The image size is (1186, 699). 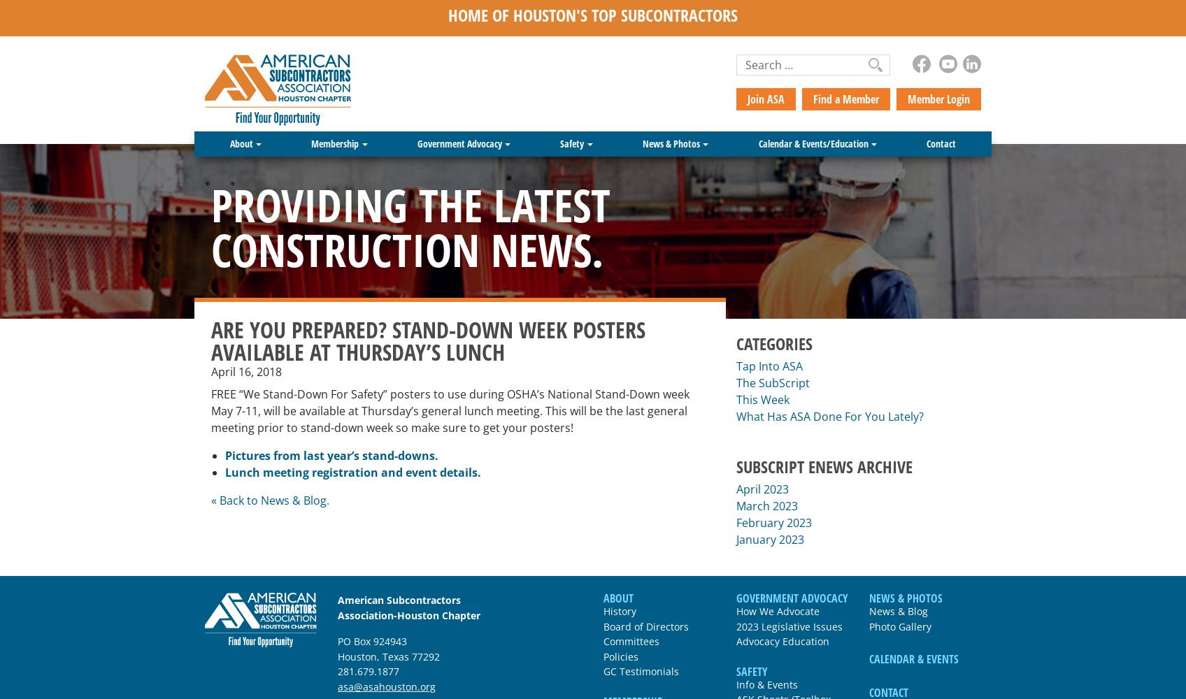 What do you see at coordinates (769, 539) in the screenshot?
I see `'January 2023'` at bounding box center [769, 539].